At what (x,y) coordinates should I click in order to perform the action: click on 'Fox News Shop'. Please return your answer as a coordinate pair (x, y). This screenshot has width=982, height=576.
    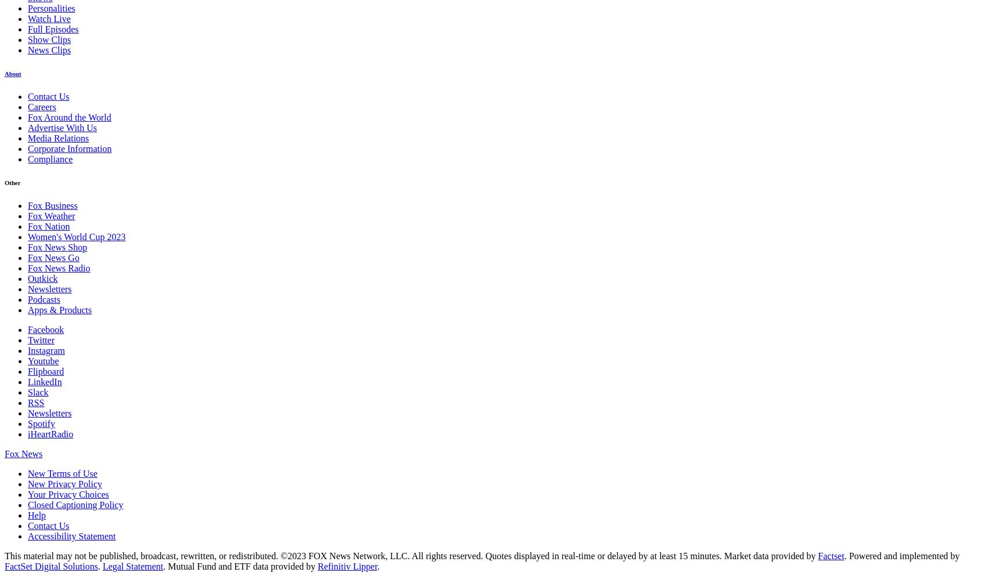
    Looking at the image, I should click on (57, 247).